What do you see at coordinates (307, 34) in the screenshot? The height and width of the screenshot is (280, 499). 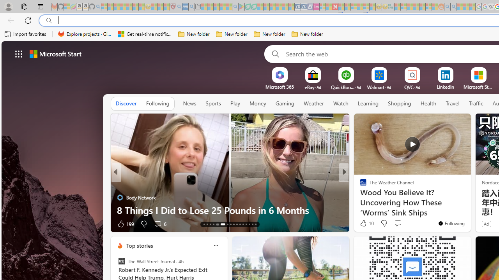 I see `'New folder'` at bounding box center [307, 34].